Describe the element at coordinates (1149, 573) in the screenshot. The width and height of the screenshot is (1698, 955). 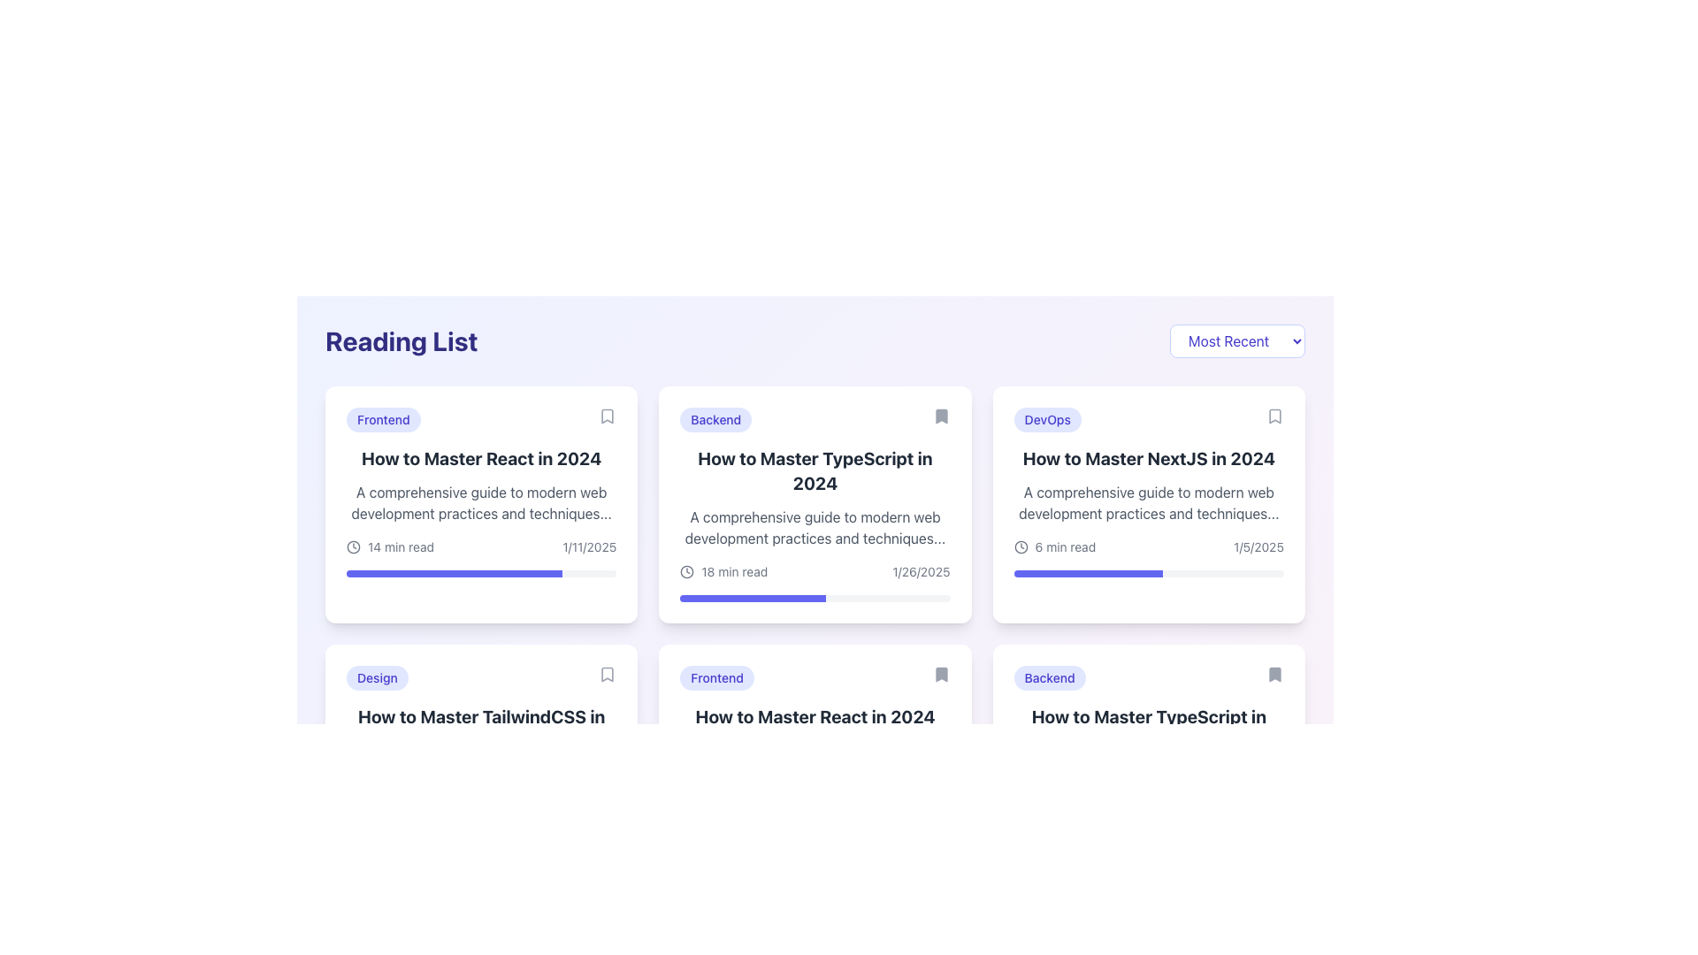
I see `the progress visually indicated on the progress bar located in the card component titled 'How to Master NextJS in 2024'` at that location.